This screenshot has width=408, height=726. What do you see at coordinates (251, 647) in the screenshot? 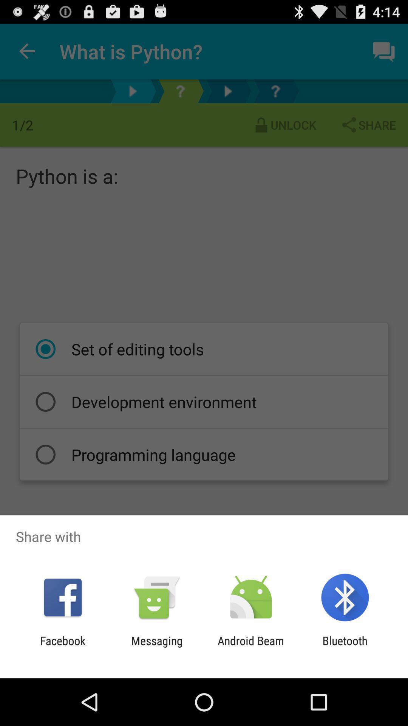
I see `app next to bluetooth app` at bounding box center [251, 647].